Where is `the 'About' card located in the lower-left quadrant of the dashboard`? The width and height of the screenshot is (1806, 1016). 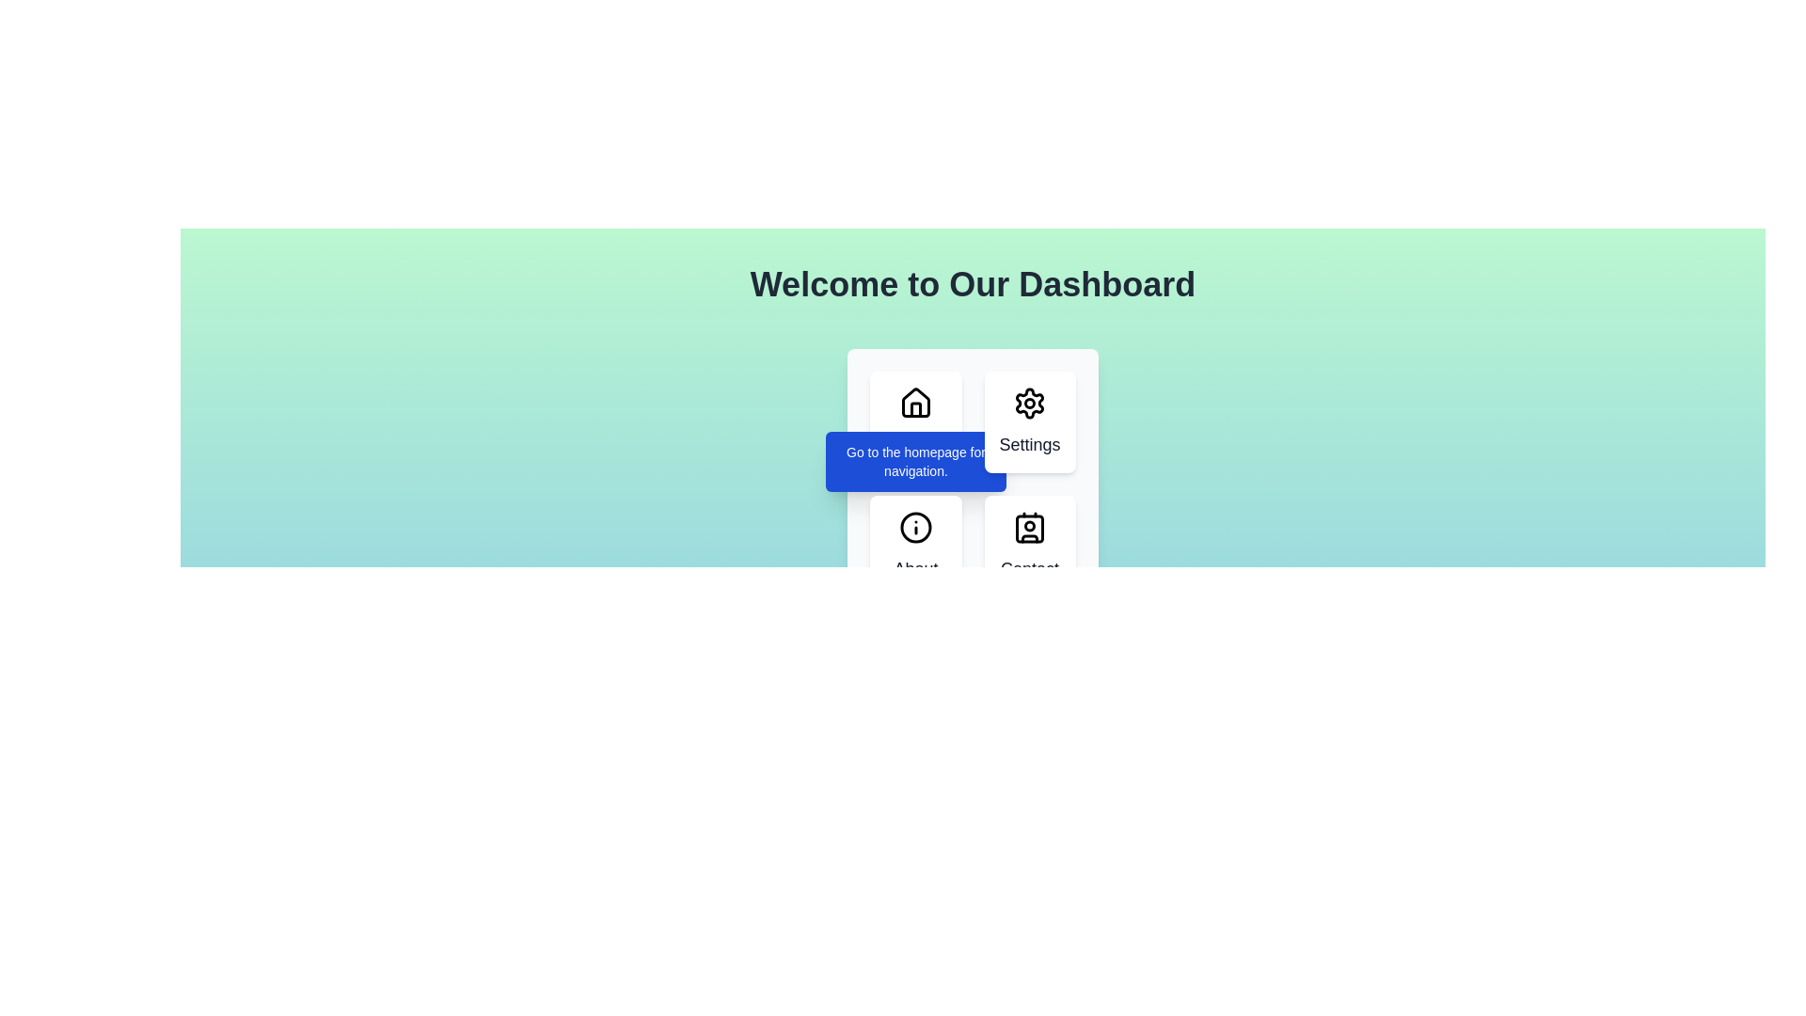
the 'About' card located in the lower-left quadrant of the dashboard is located at coordinates (916, 547).